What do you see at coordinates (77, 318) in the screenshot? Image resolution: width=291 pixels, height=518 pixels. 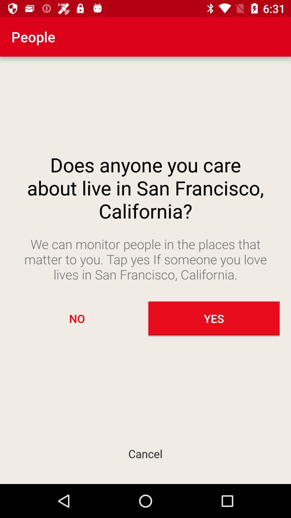 I see `item below we can monitor item` at bounding box center [77, 318].